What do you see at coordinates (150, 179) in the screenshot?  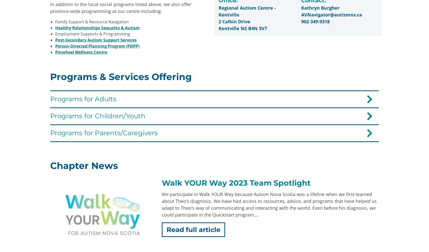 I see `'902-446-4995'` at bounding box center [150, 179].